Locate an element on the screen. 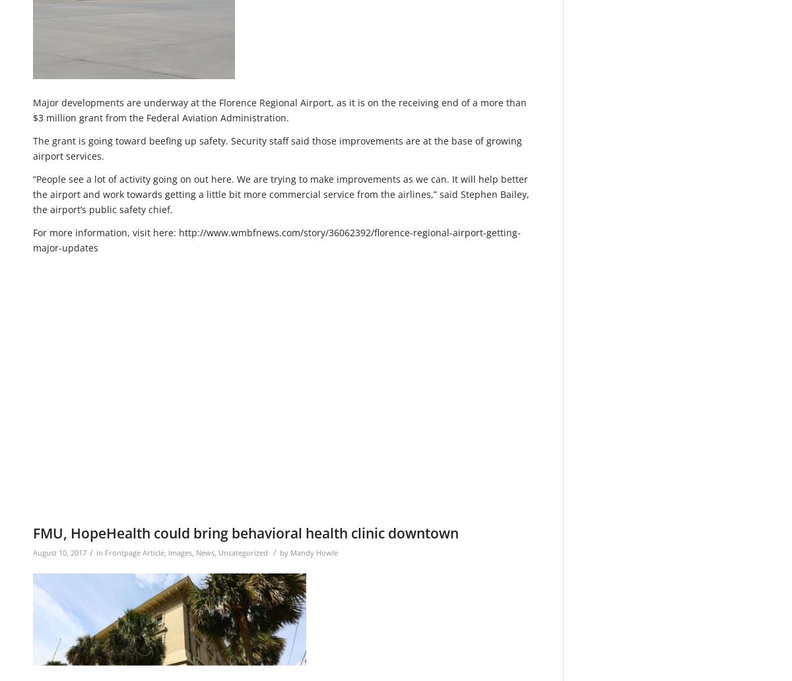  'For more information, visit here: http://www.wmbfnews.com/story/36062392/florence-regional-airport-getting-major-updates' is located at coordinates (277, 240).